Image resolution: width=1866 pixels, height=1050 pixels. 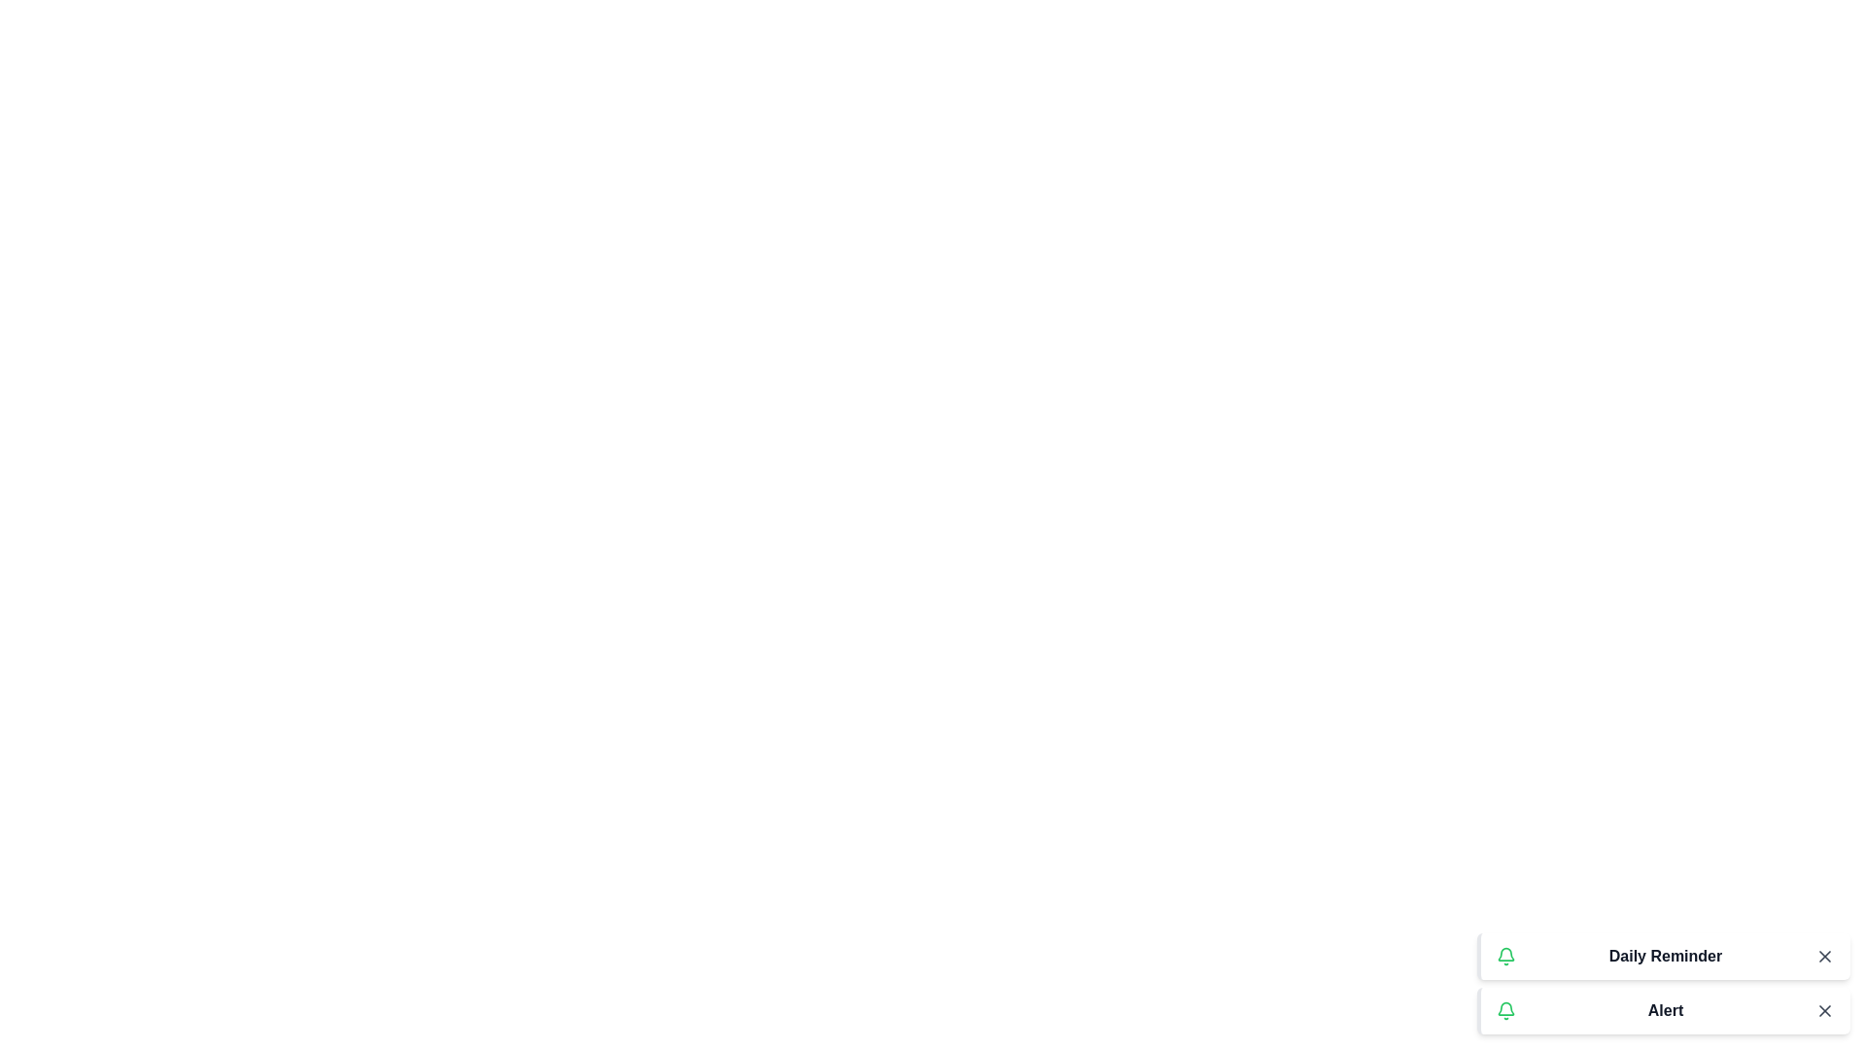 I want to click on the close button of the notification titled 'Daily Reminder', so click(x=1823, y=955).